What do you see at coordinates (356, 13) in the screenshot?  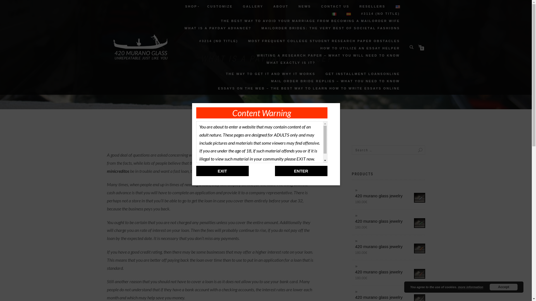 I see `'#3114 (NO TITLE)'` at bounding box center [356, 13].